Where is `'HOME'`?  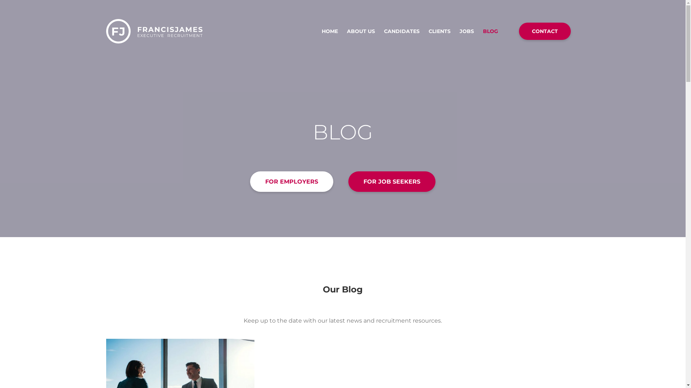
'HOME' is located at coordinates (321, 31).